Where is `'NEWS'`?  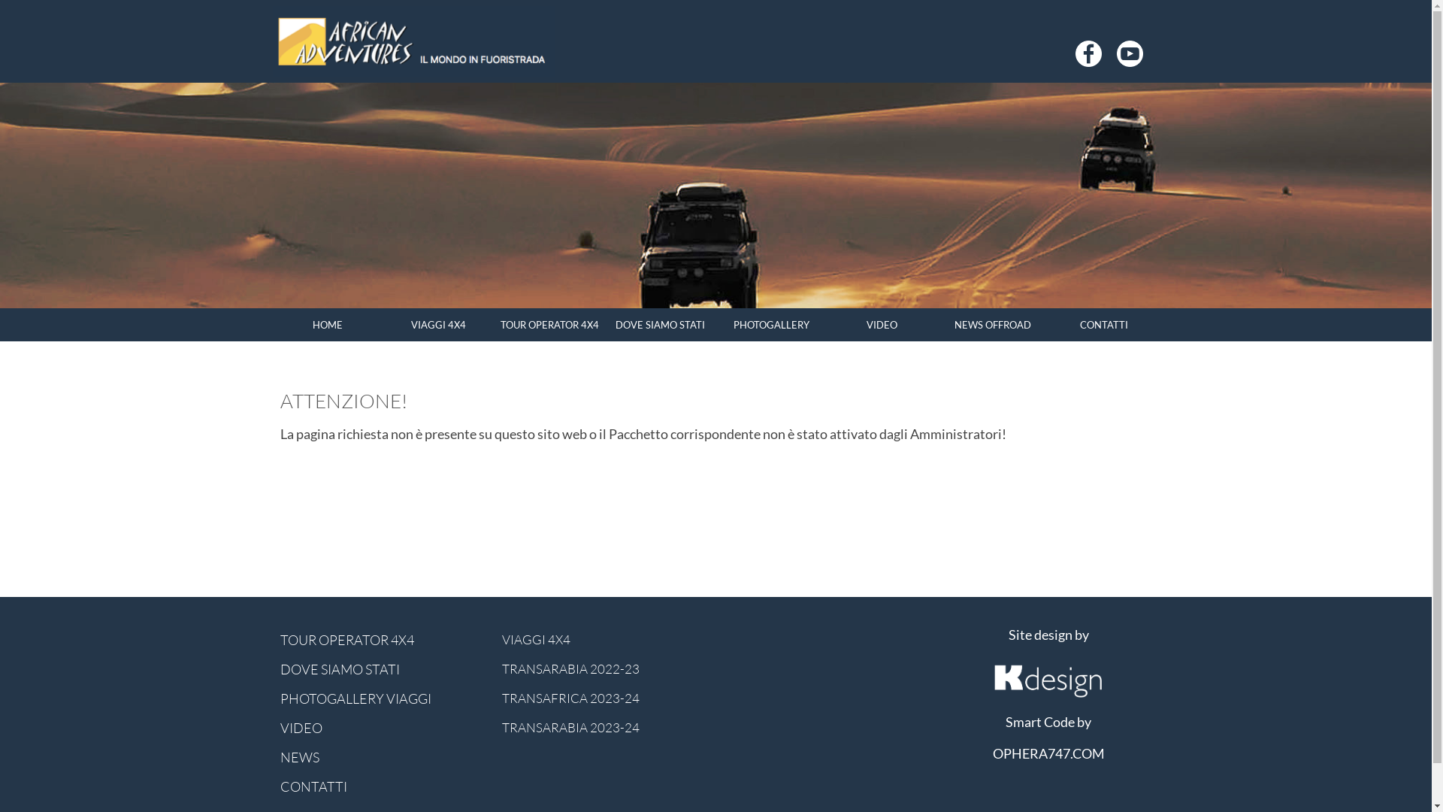 'NEWS' is located at coordinates (280, 756).